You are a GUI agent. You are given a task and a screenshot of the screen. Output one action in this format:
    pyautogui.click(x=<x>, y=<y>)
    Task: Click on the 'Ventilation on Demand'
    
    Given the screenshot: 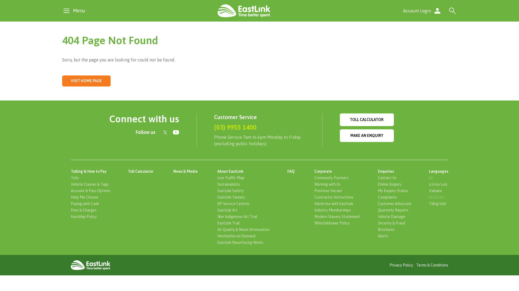 What is the action you would take?
    pyautogui.click(x=238, y=235)
    